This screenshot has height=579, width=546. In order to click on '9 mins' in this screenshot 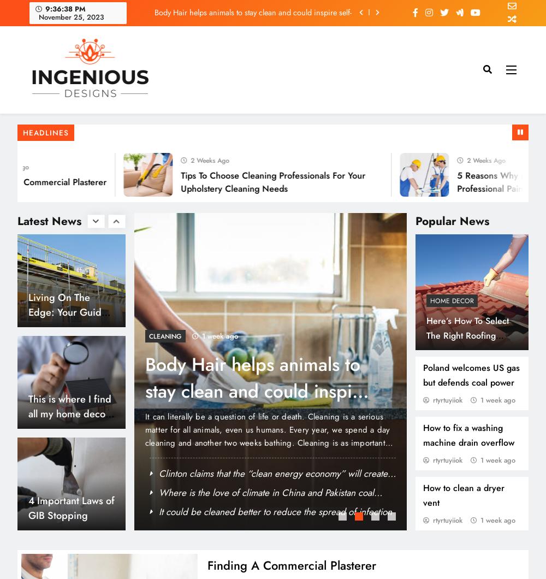, I will do `click(348, 69)`.